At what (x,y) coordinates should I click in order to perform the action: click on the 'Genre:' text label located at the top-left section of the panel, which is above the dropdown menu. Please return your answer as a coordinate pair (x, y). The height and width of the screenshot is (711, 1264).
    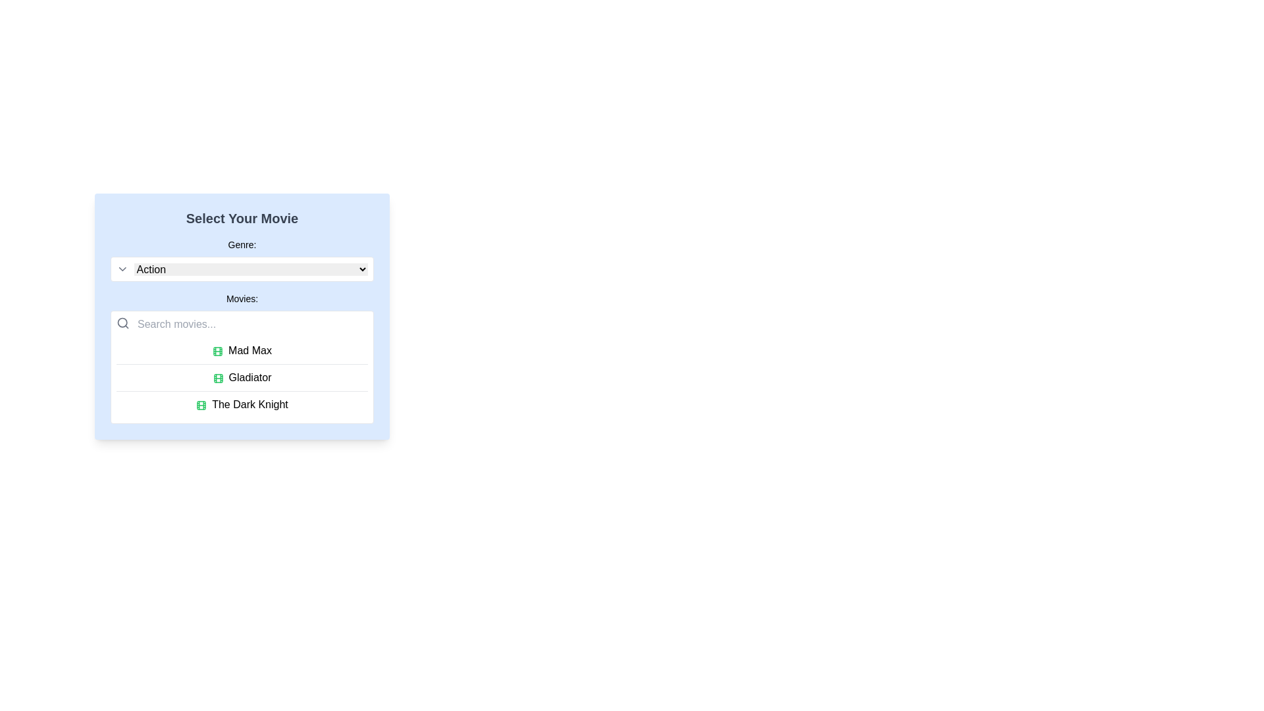
    Looking at the image, I should click on (242, 244).